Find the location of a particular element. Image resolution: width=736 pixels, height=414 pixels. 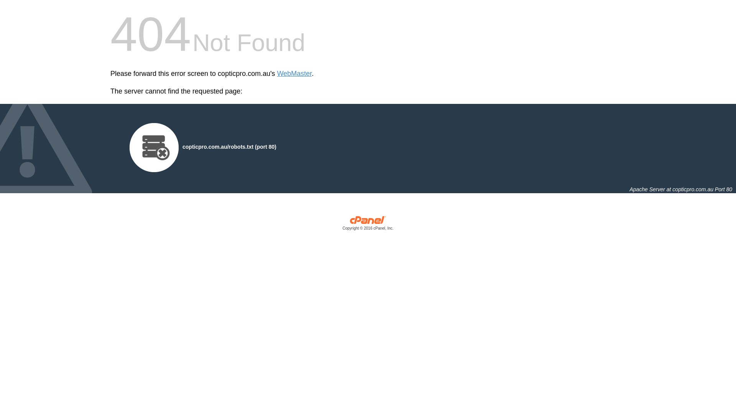

'WebMaster' is located at coordinates (277, 74).